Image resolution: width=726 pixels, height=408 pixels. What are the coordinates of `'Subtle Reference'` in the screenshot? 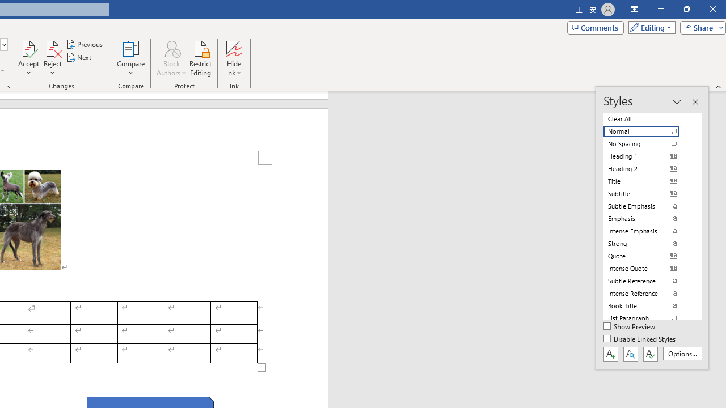 It's located at (648, 280).